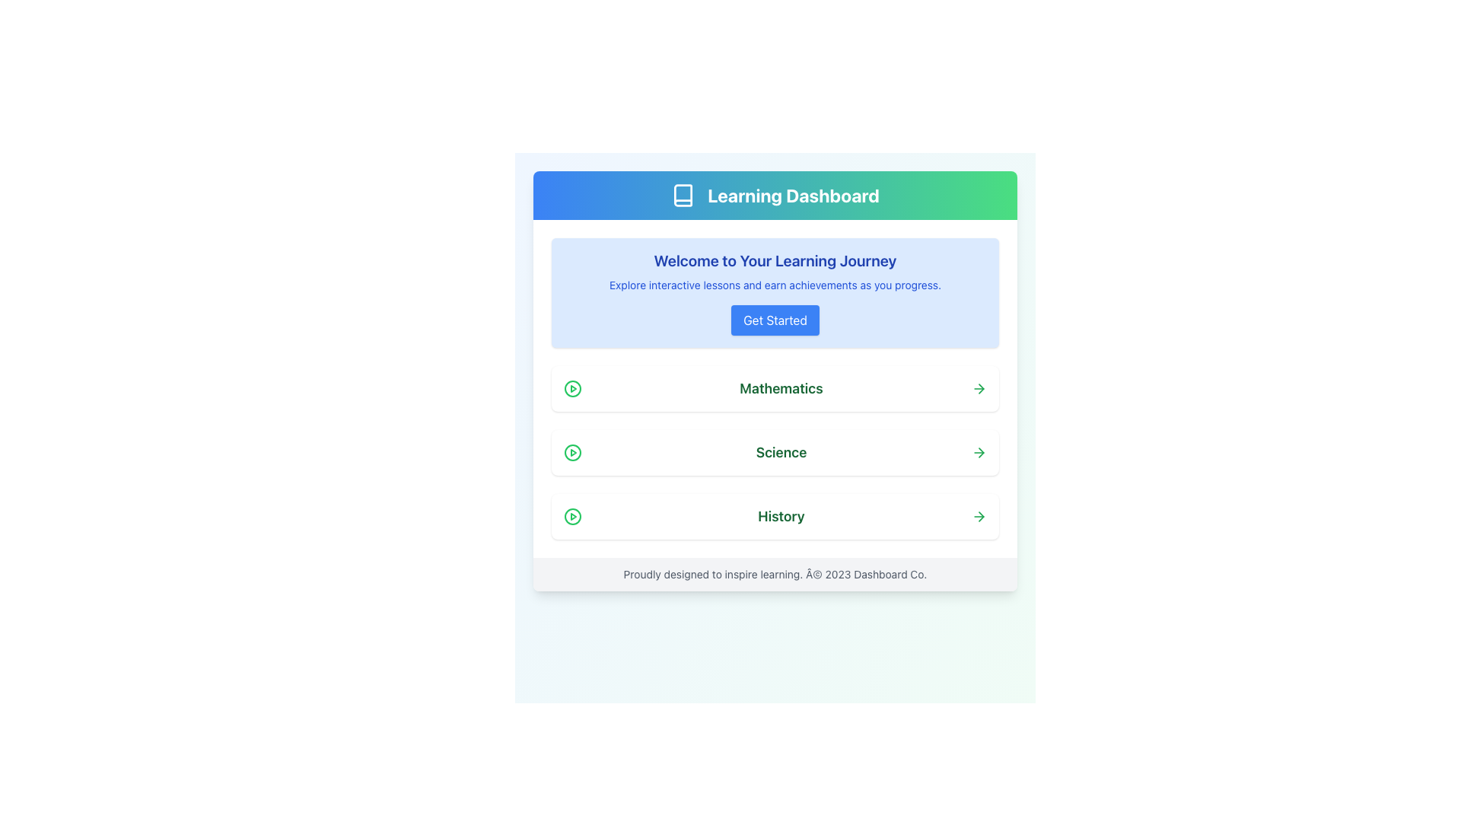  Describe the element at coordinates (981, 387) in the screenshot. I see `the green arrow icon pointing to the right, located next to the 'Mathematics' list item` at that location.